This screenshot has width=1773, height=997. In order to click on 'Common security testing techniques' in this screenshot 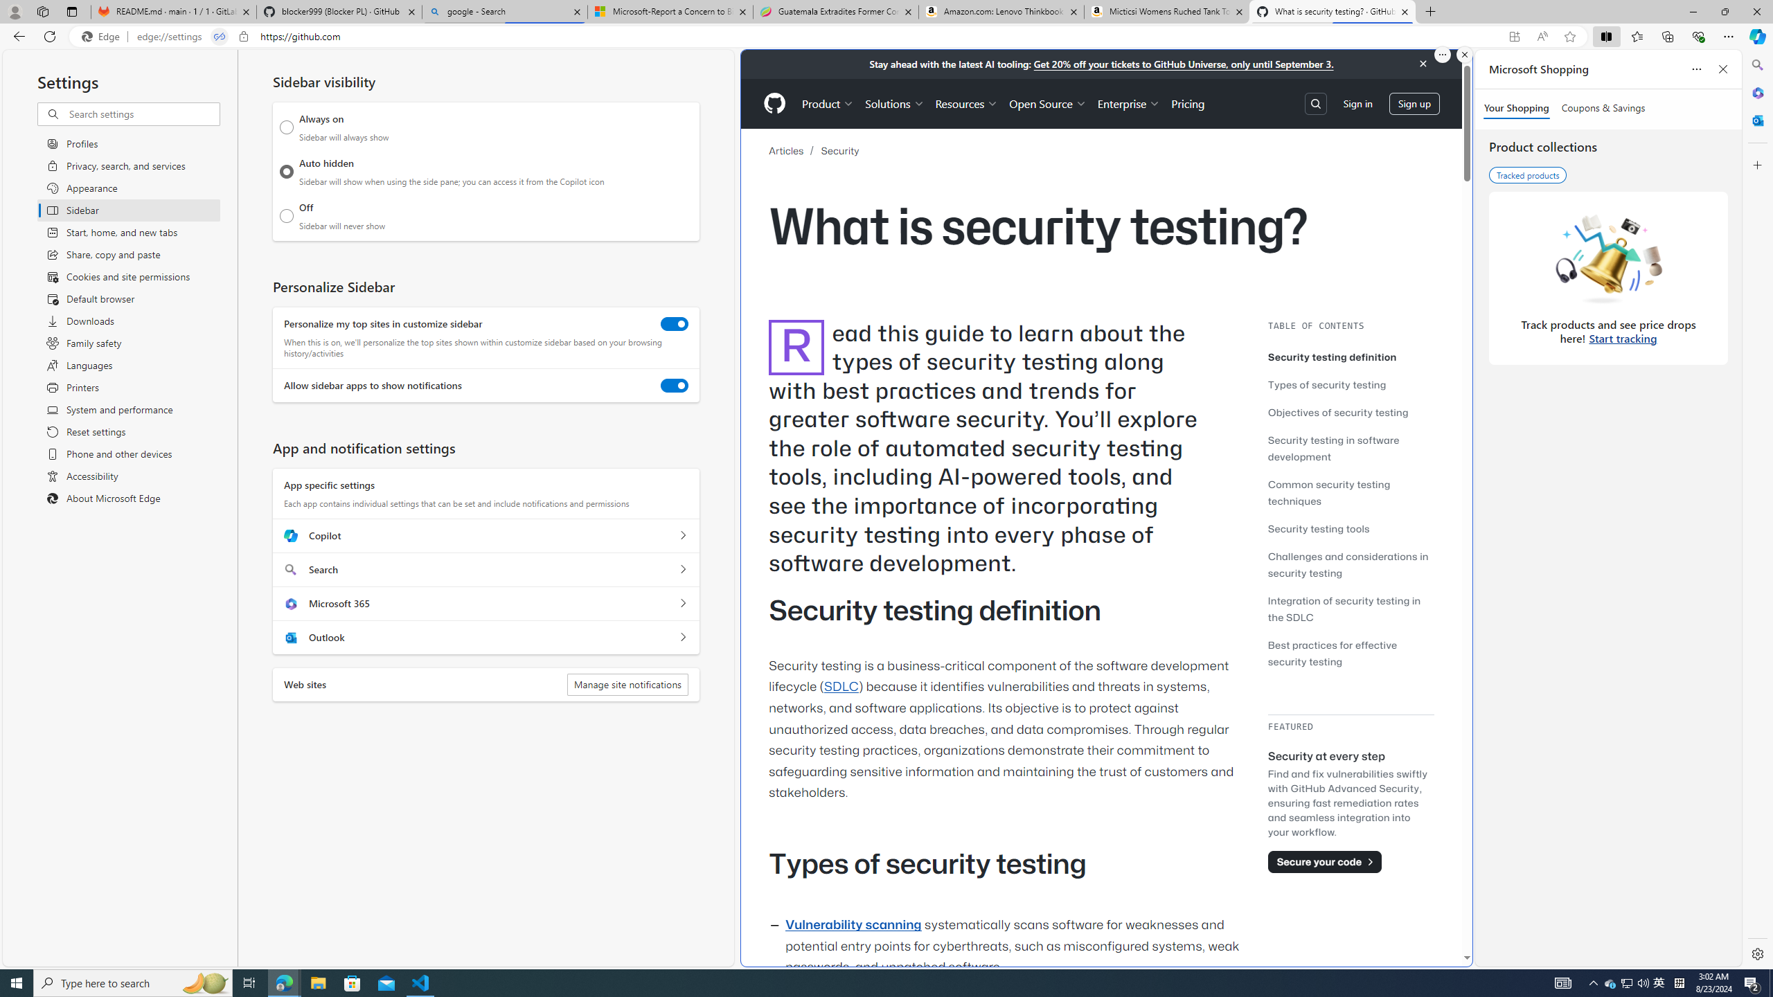, I will do `click(1328, 492)`.